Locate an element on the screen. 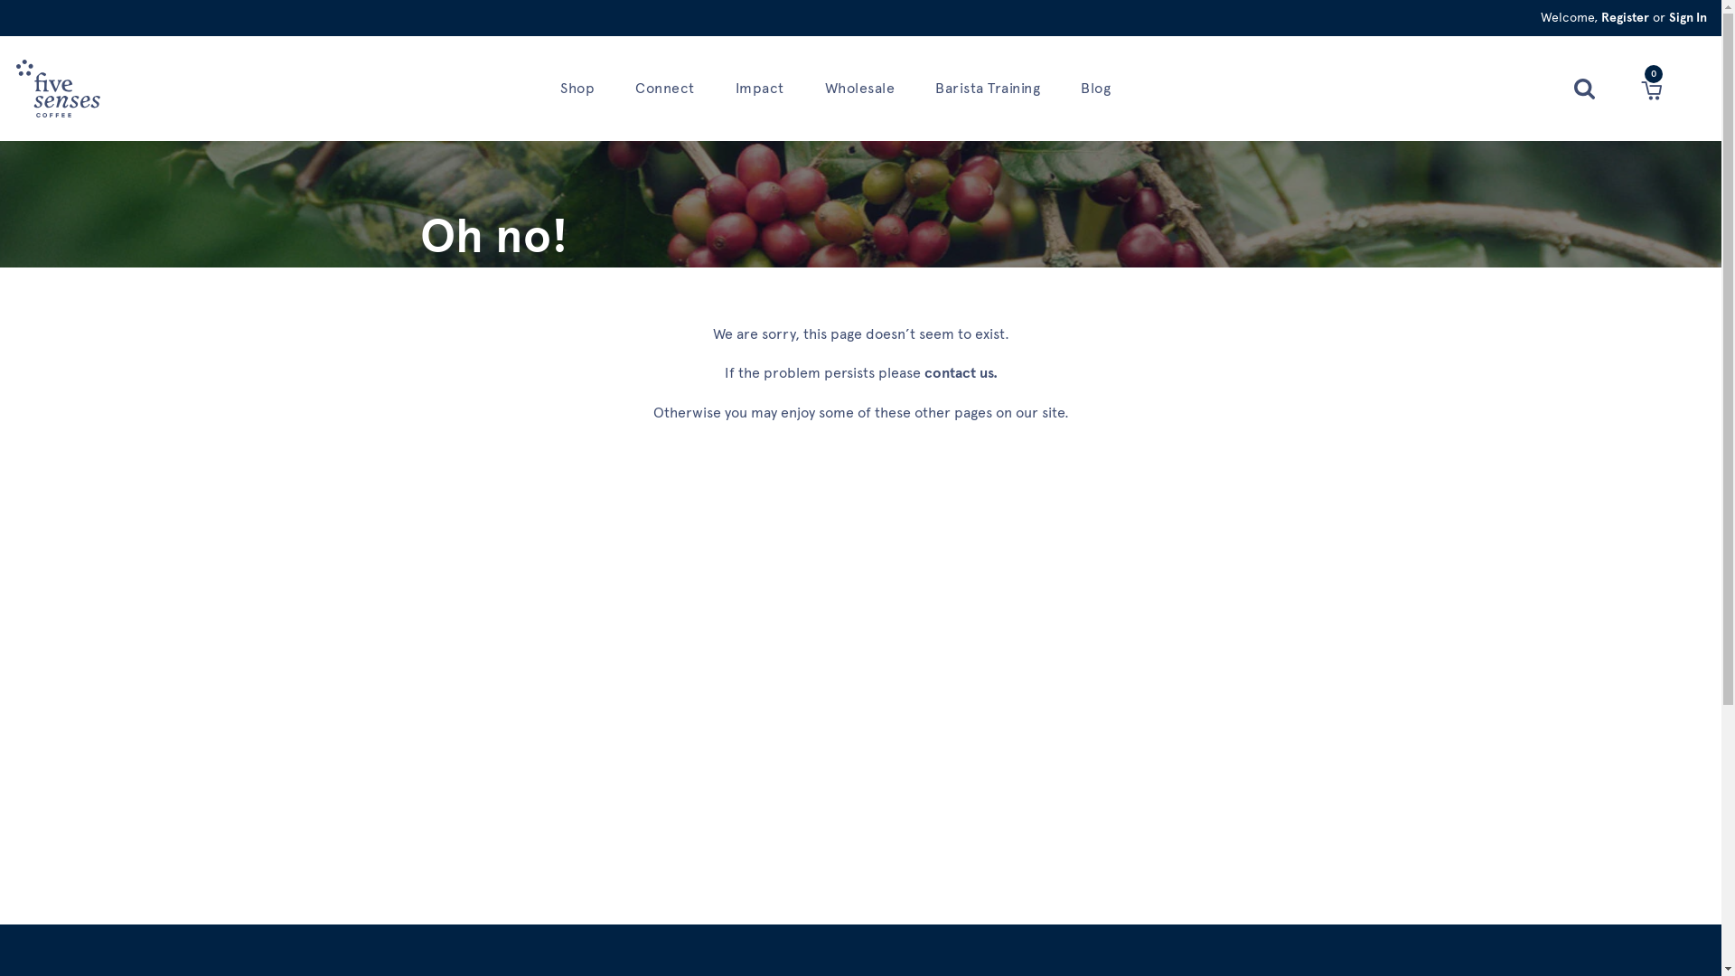  'Blog' is located at coordinates (1063, 88).